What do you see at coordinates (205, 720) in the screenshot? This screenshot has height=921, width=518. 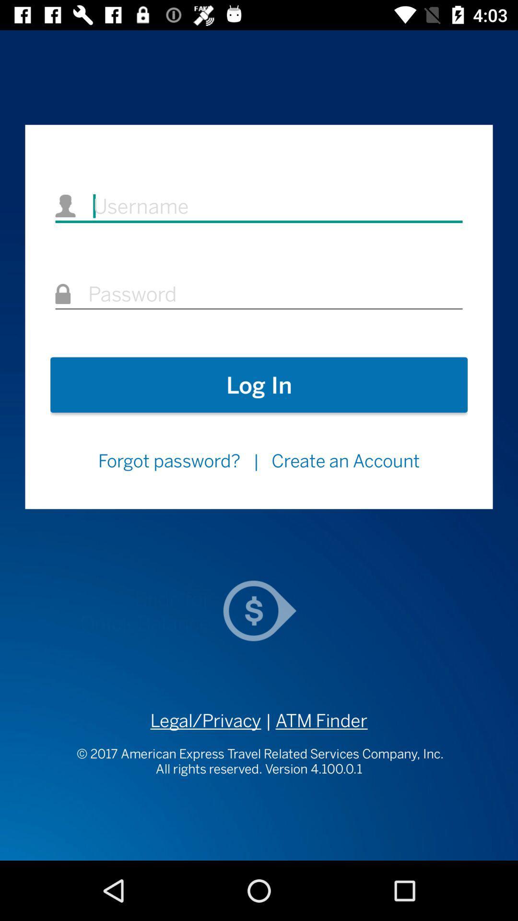 I see `the item to the left of the  | atm finder item` at bounding box center [205, 720].